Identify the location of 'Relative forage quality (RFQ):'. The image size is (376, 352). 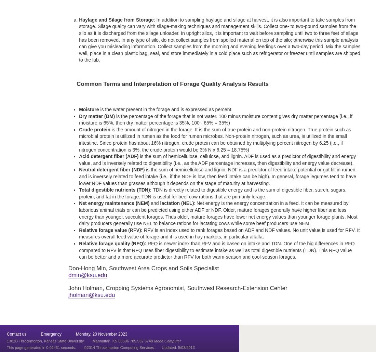
(112, 243).